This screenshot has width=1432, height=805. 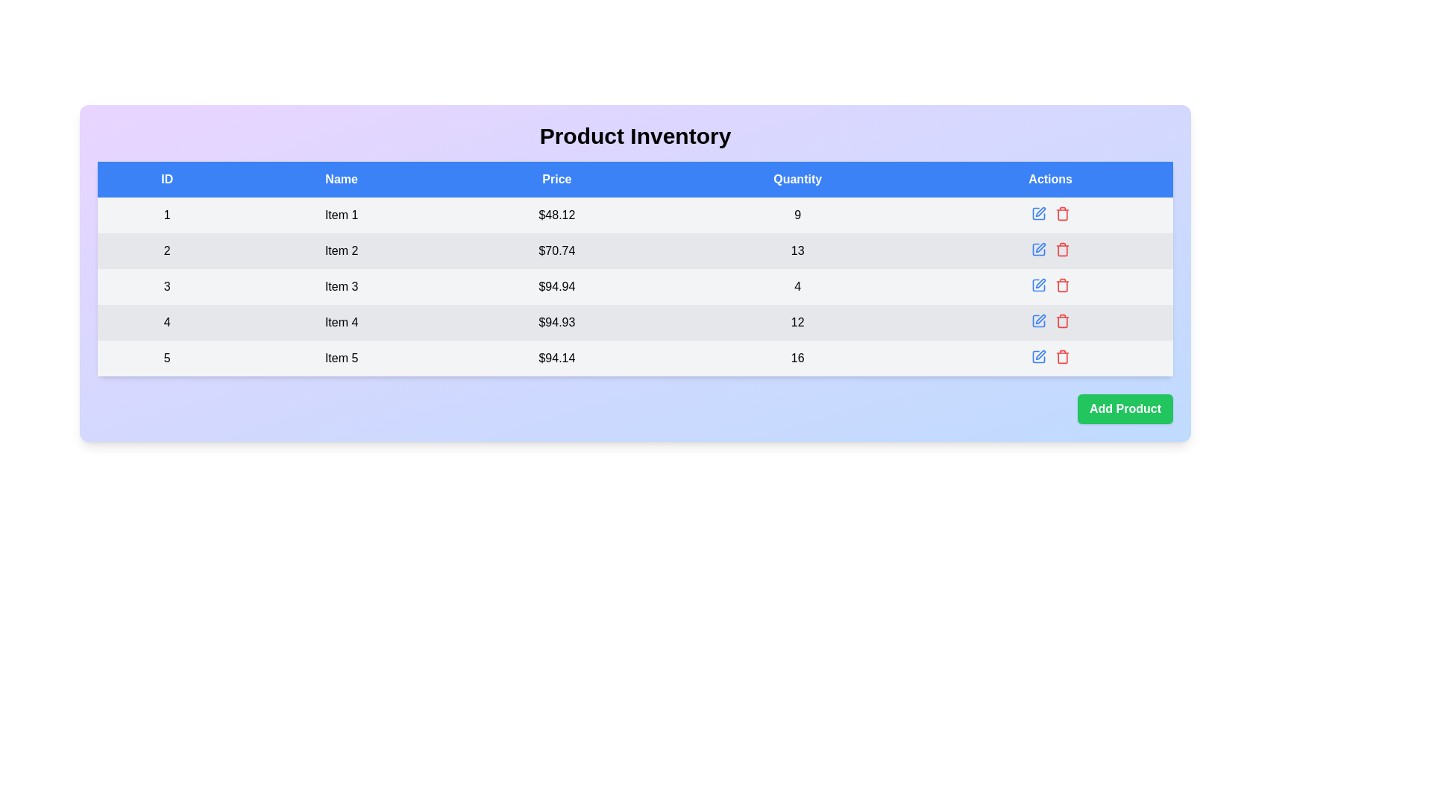 What do you see at coordinates (341, 287) in the screenshot?
I see `the label displaying the name of the third item in the inventory list, which is located in the second column of the third row of a table layout` at bounding box center [341, 287].